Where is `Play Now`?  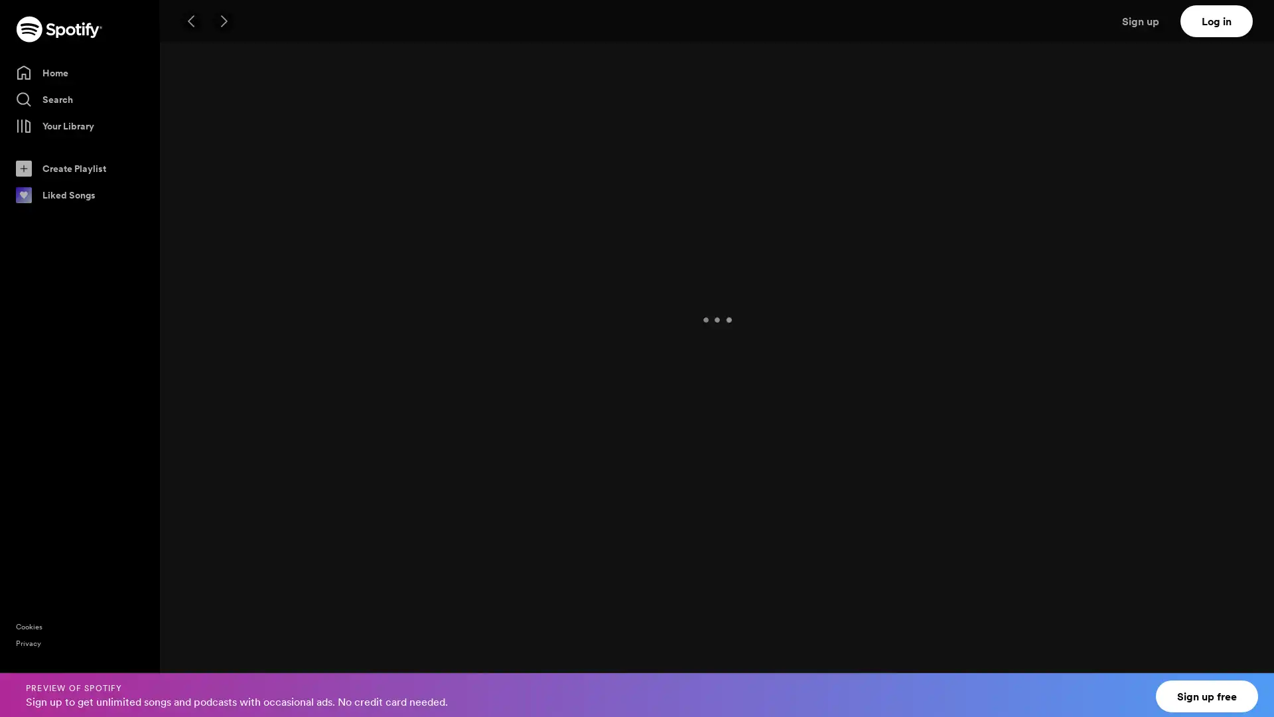
Play Now is located at coordinates (812, 404).